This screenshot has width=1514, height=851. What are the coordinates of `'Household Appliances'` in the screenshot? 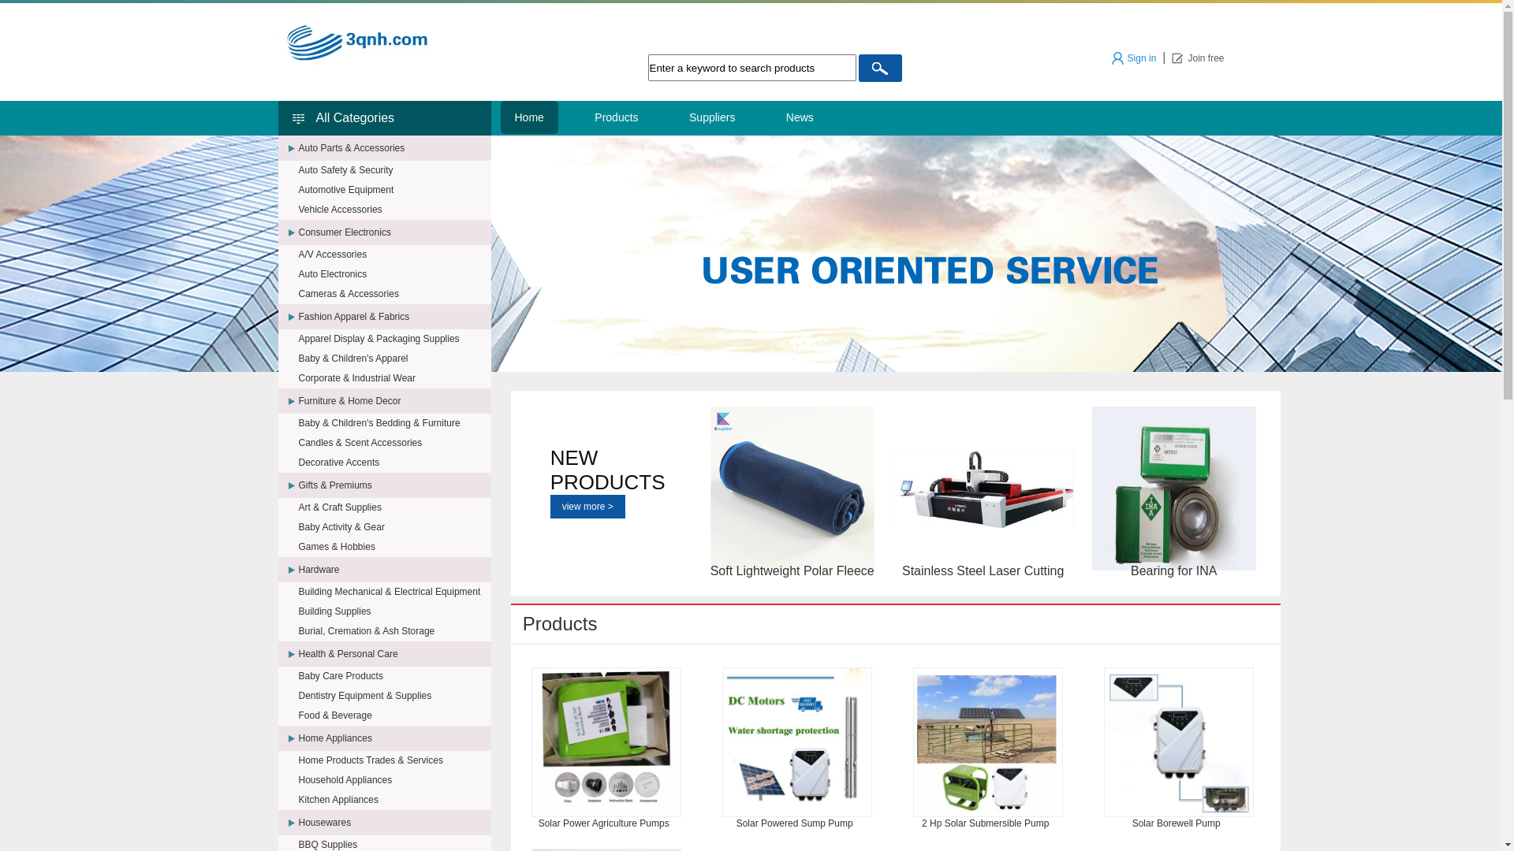 It's located at (393, 780).